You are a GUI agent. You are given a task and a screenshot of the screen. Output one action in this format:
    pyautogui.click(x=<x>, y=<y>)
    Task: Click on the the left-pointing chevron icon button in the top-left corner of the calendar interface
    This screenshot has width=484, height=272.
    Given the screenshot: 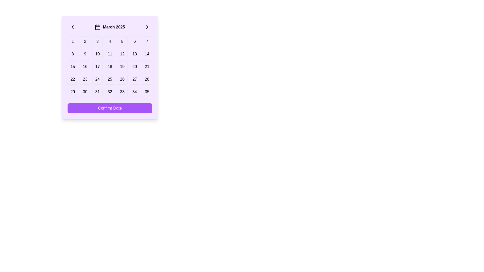 What is the action you would take?
    pyautogui.click(x=72, y=27)
    